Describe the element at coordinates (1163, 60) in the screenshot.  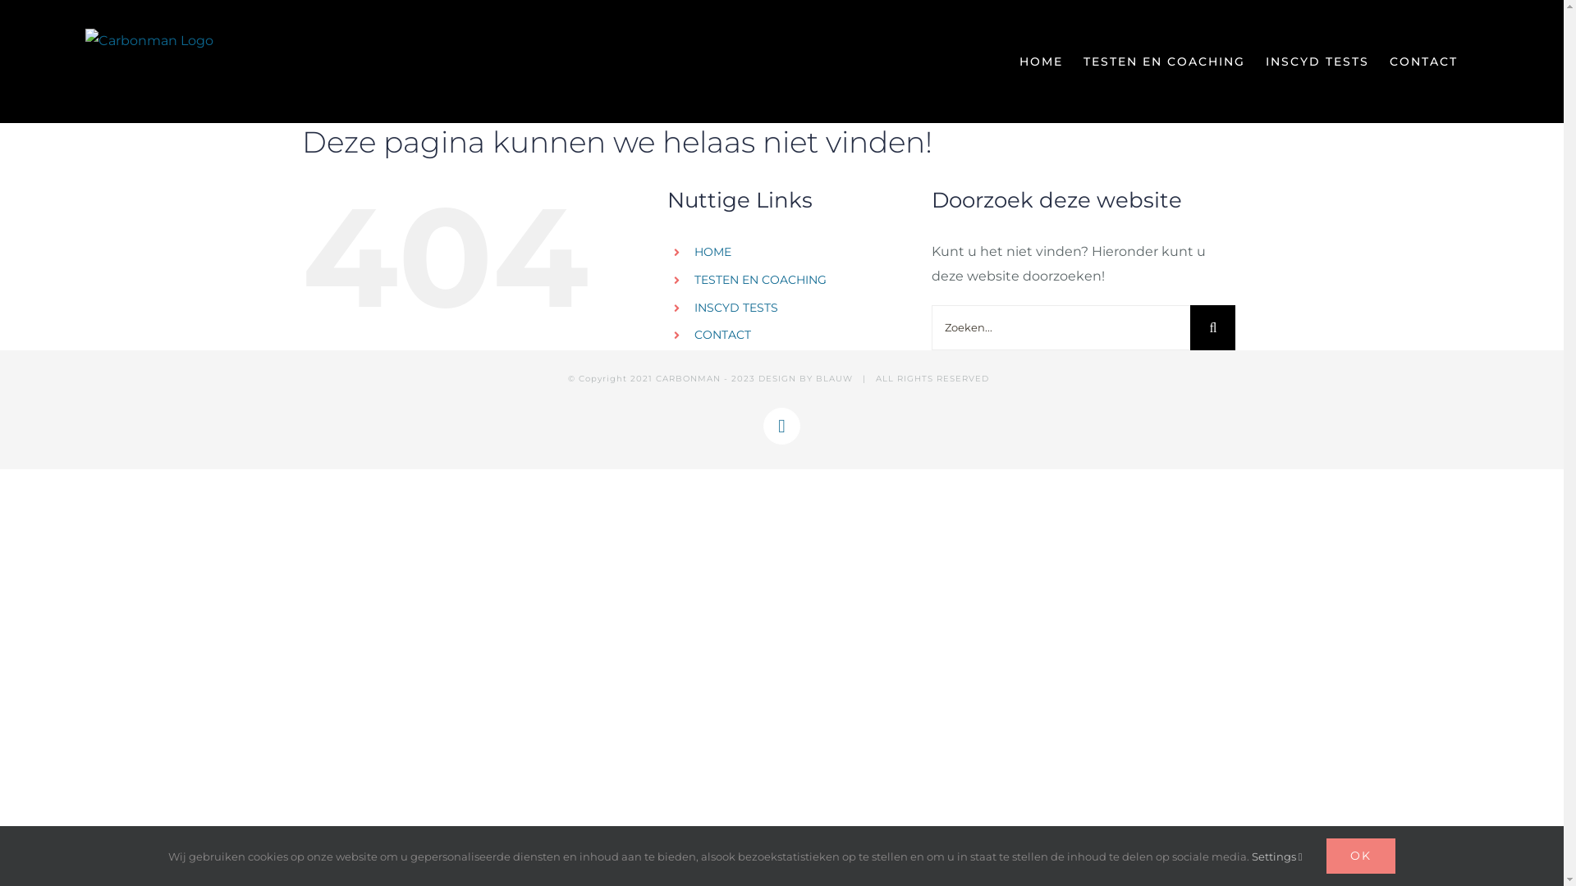
I see `'TESTEN EN COACHING'` at that location.